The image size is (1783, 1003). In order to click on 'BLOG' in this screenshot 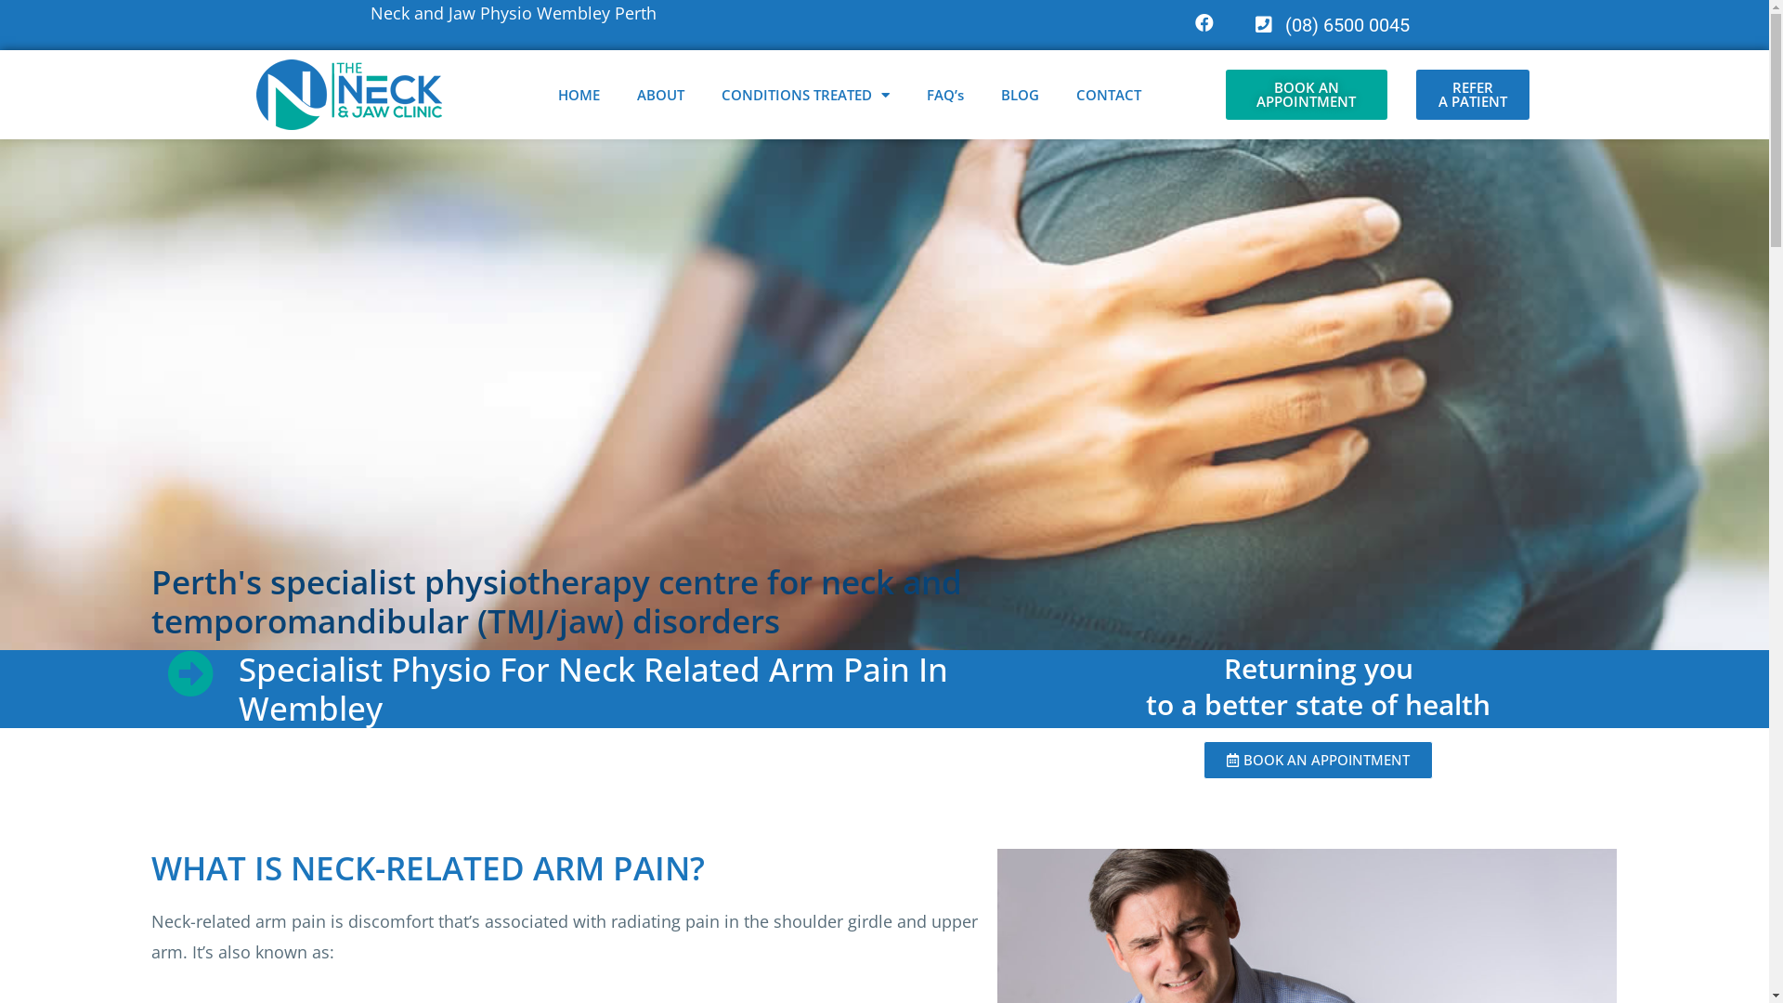, I will do `click(1019, 94)`.